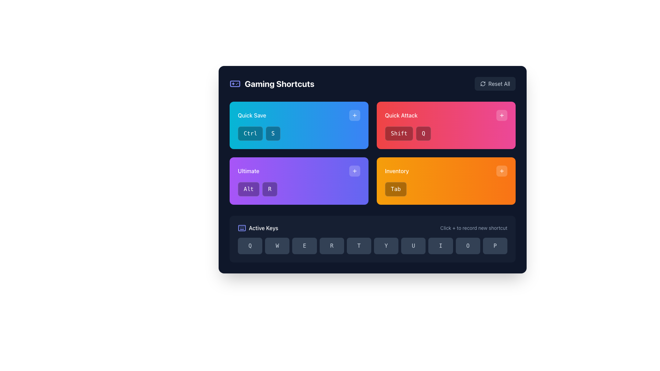  Describe the element at coordinates (502, 170) in the screenshot. I see `the rounded rectangular button with a transparent white background and a white plus icon, located in the top-right corner of the 'Inventory' orange box` at that location.